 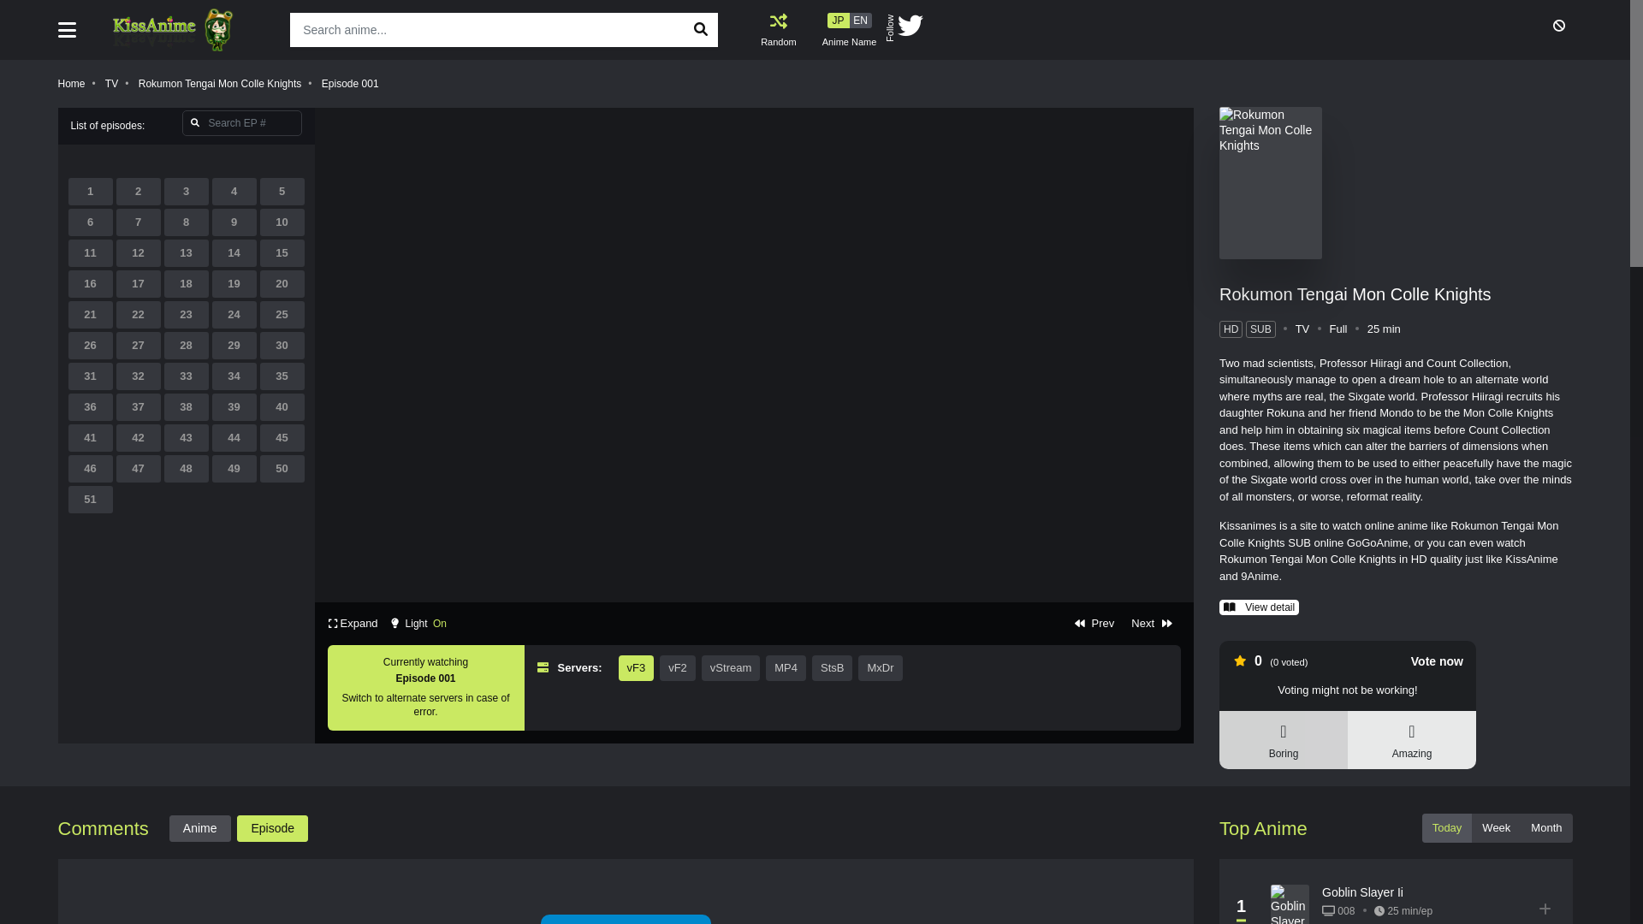 I want to click on 'vF2', so click(x=677, y=666).